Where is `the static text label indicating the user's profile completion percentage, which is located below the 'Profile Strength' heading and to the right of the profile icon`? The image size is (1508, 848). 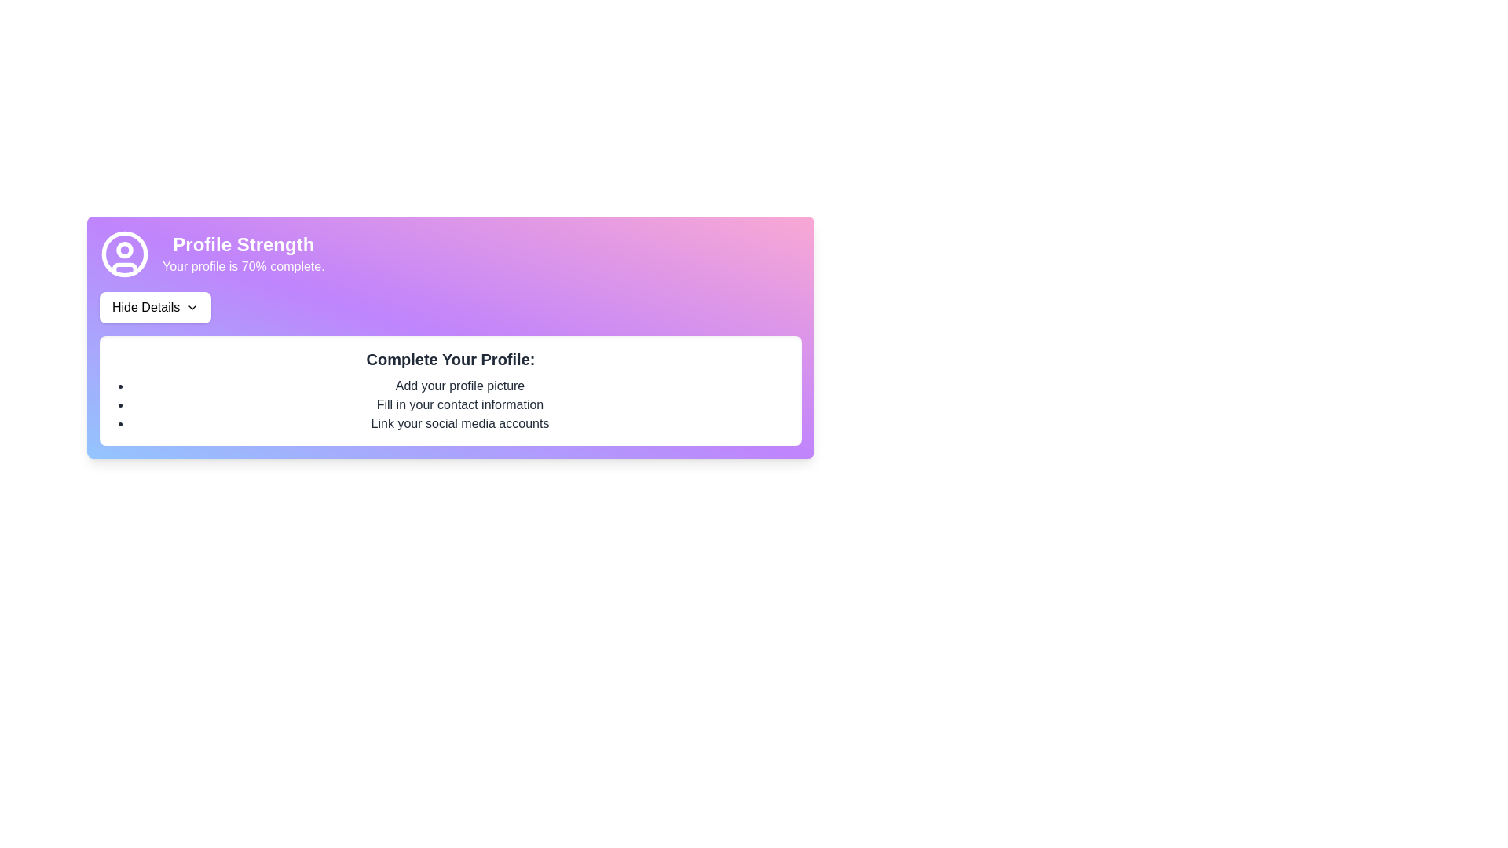
the static text label indicating the user's profile completion percentage, which is located below the 'Profile Strength' heading and to the right of the profile icon is located at coordinates (243, 265).